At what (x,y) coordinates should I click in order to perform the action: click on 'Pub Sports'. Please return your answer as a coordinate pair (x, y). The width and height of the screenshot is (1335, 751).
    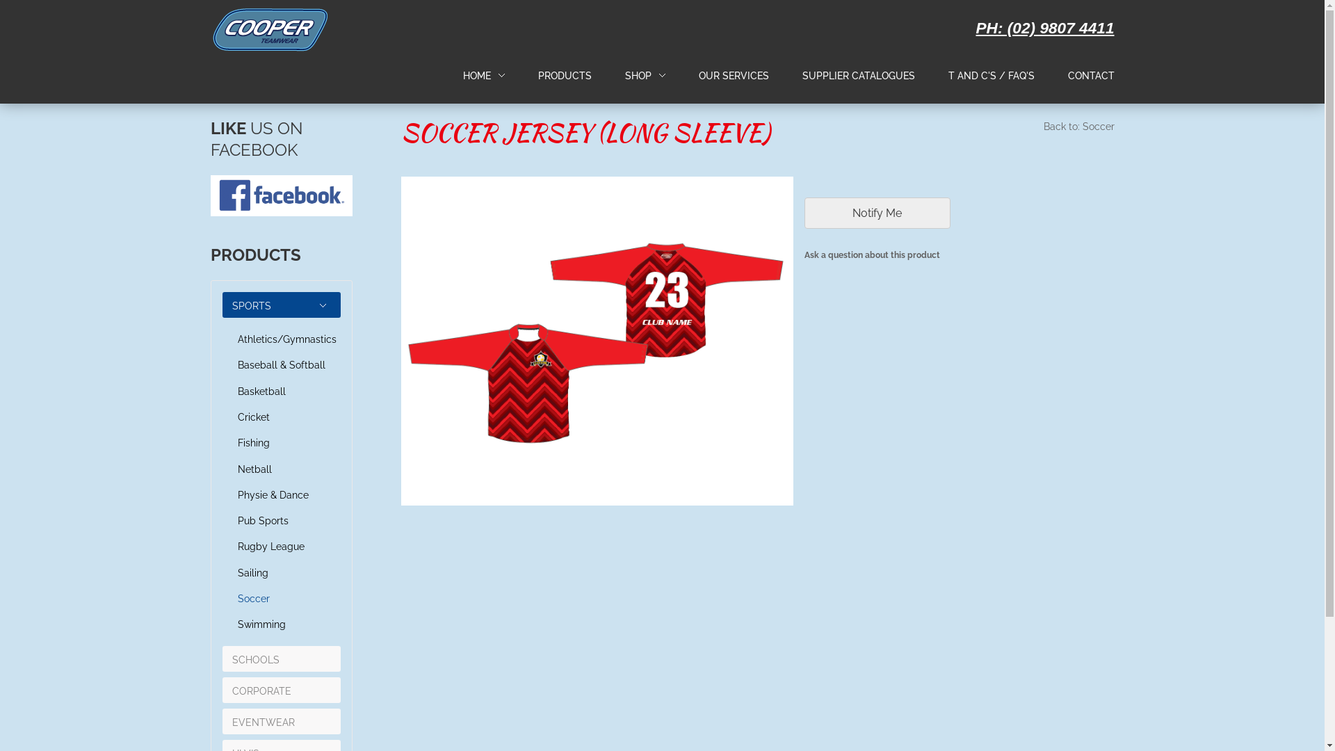
    Looking at the image, I should click on (280, 521).